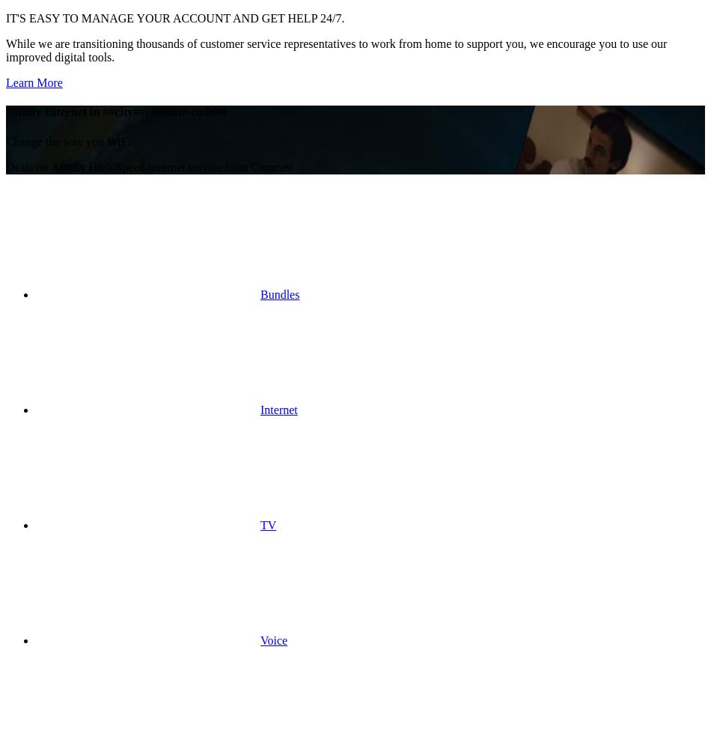 This screenshot has height=745, width=711. Describe the element at coordinates (259, 639) in the screenshot. I see `'Voice'` at that location.